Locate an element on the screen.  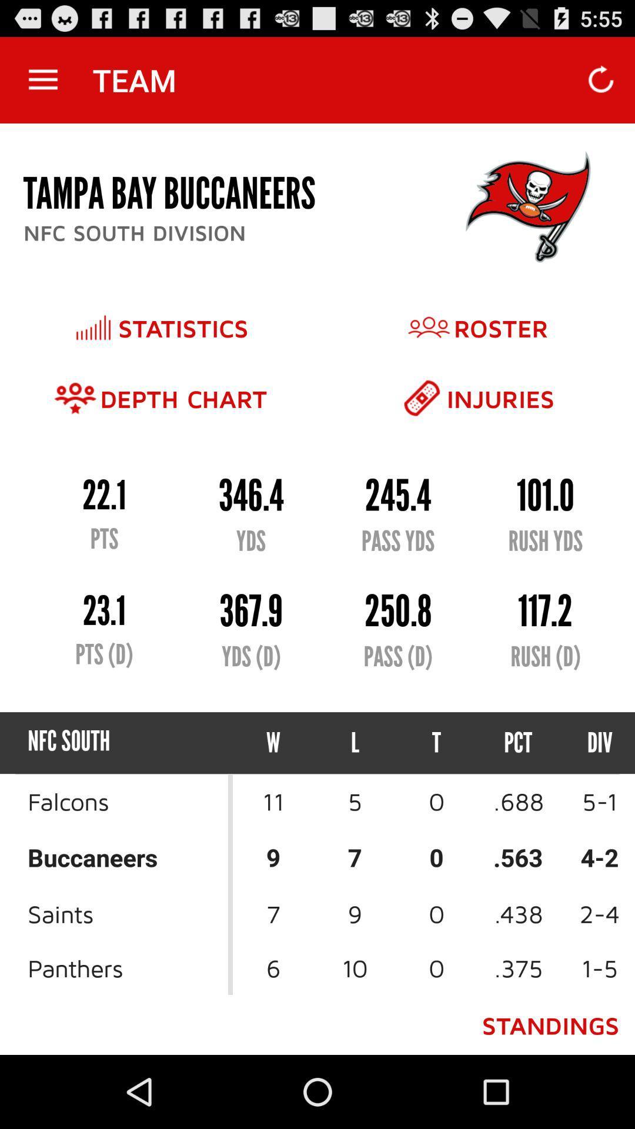
item above tampa bay buccaneers is located at coordinates (42, 79).